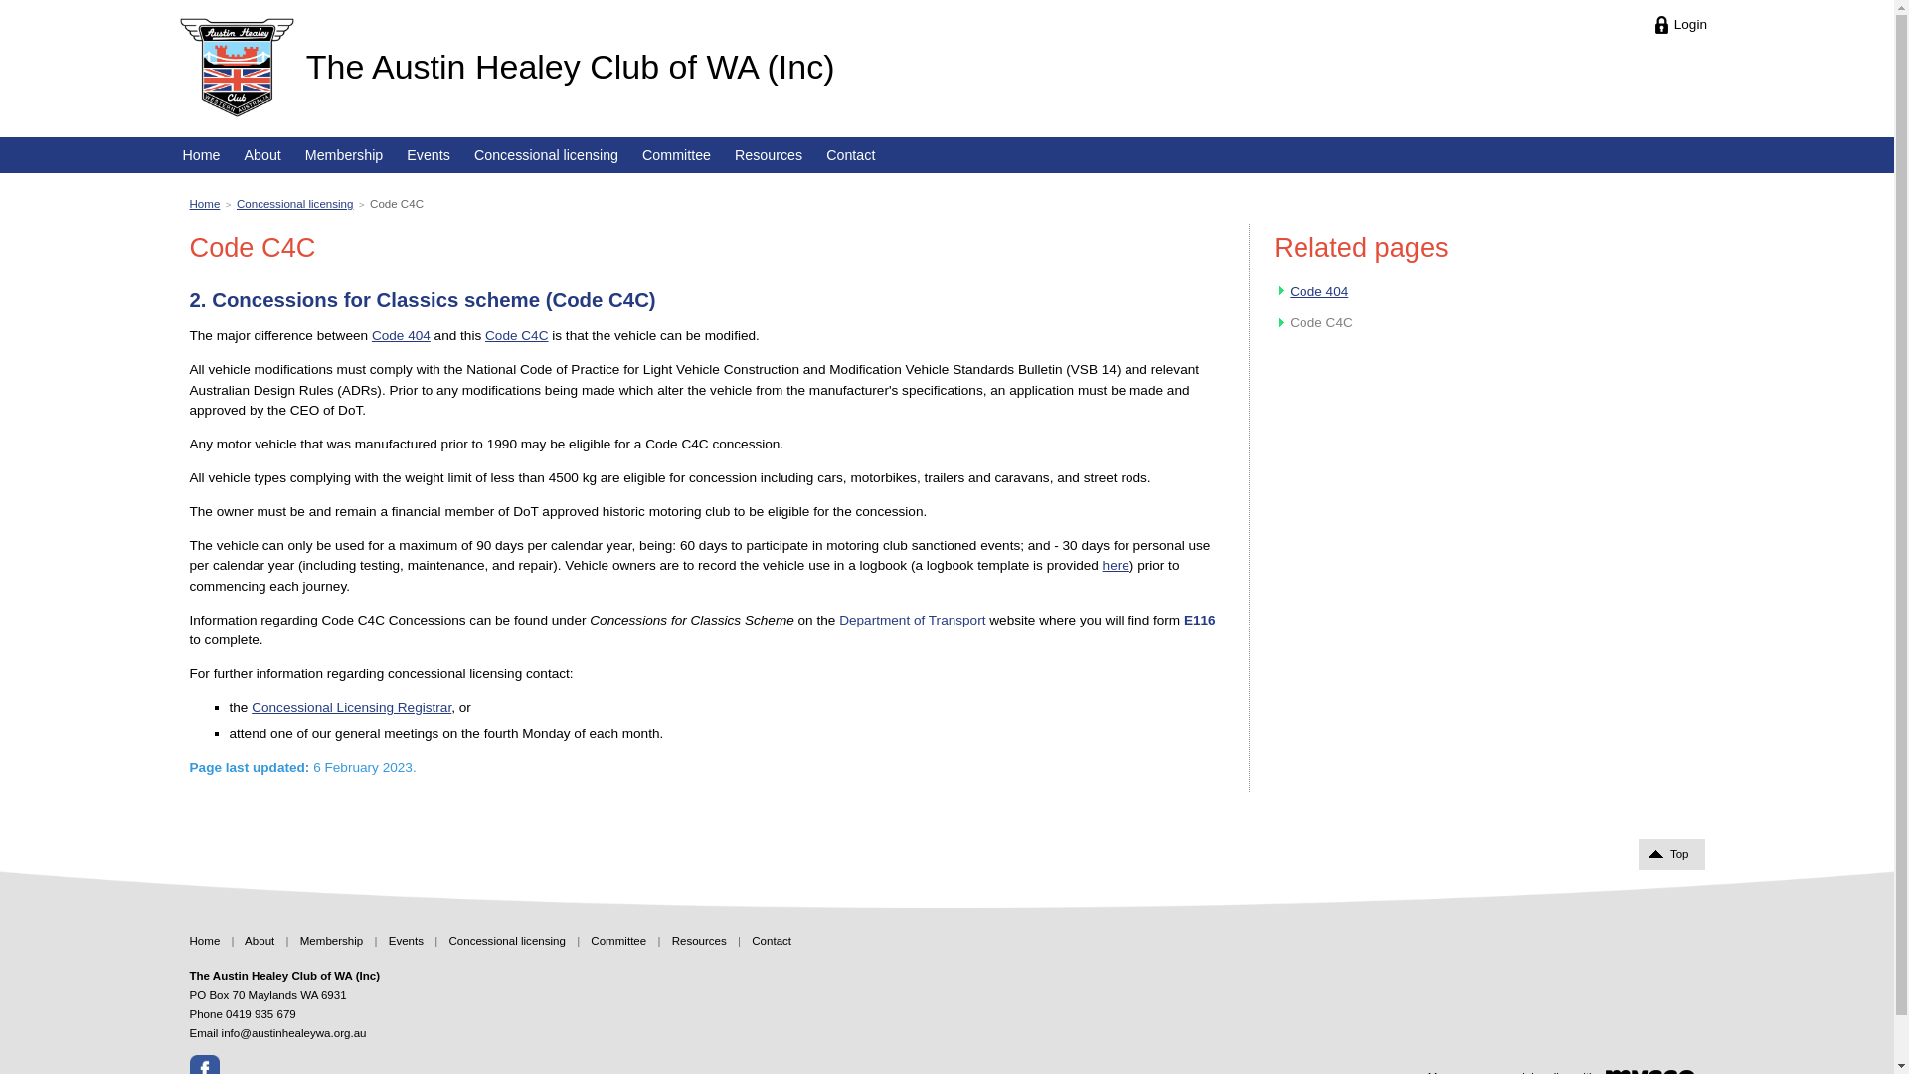  What do you see at coordinates (293, 1031) in the screenshot?
I see `'info@austinhealeywa.org.au'` at bounding box center [293, 1031].